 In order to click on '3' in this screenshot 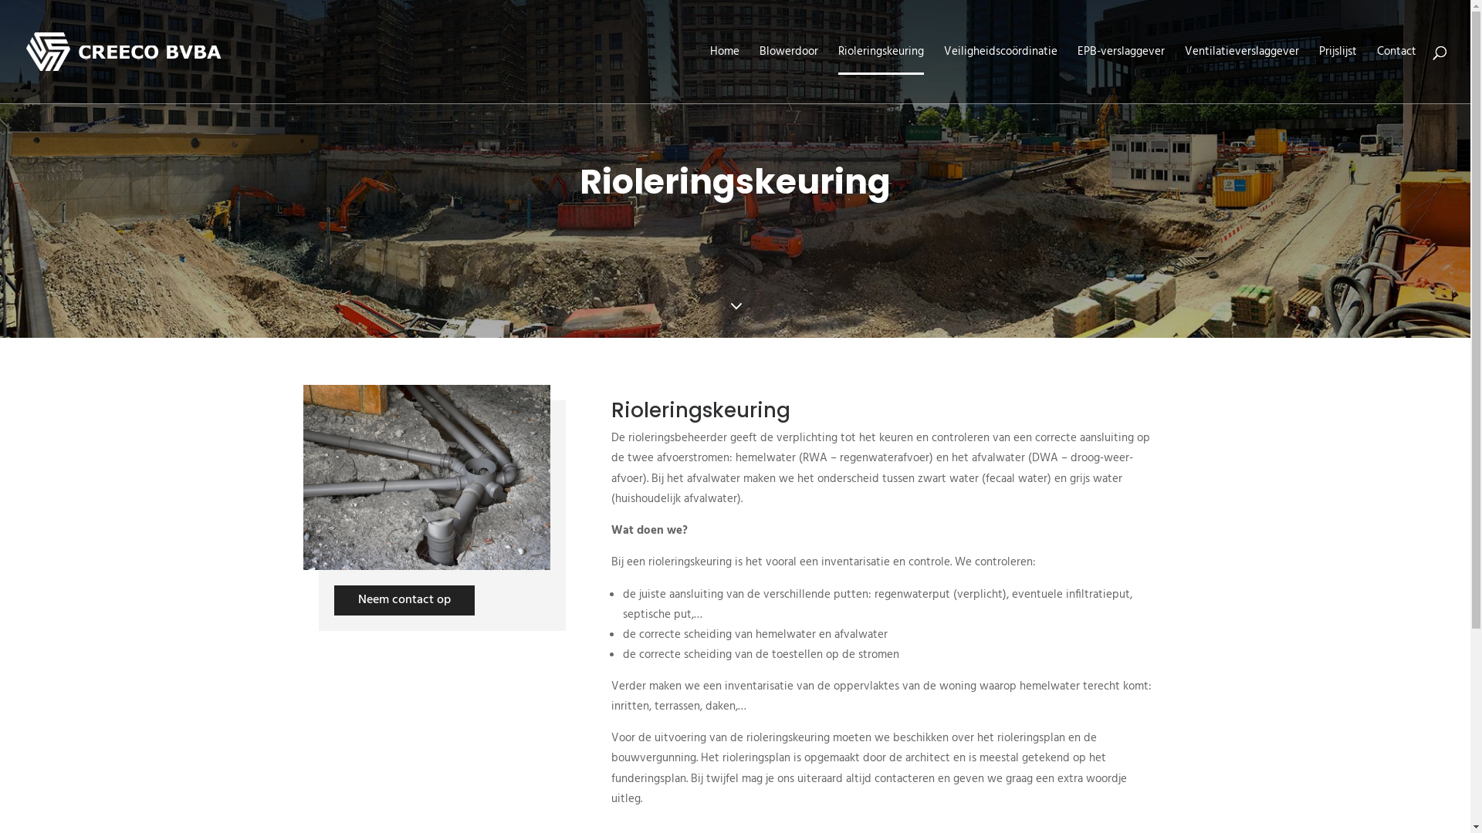, I will do `click(735, 308)`.